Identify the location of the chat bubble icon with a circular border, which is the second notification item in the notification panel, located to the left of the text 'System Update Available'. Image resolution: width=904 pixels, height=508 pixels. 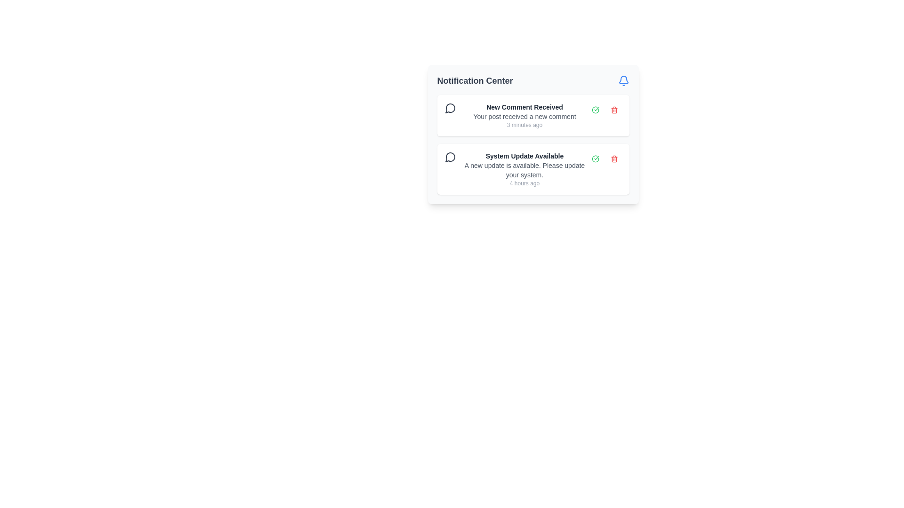
(450, 157).